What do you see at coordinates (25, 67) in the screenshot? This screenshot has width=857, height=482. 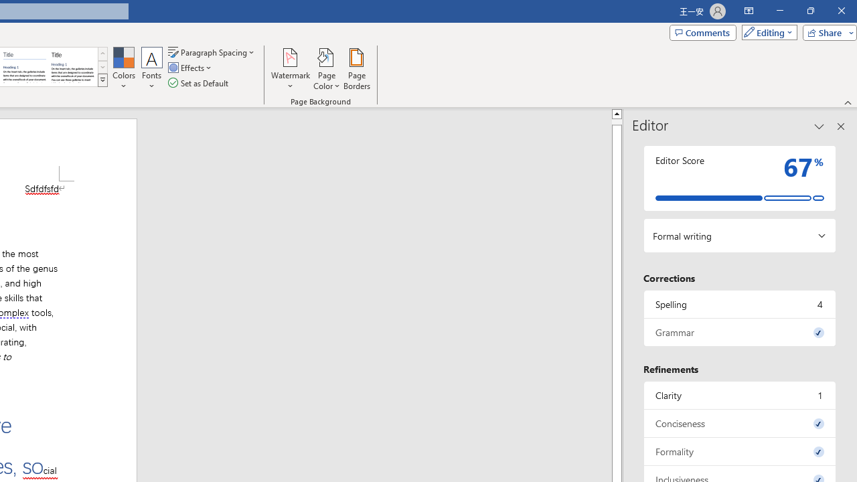 I see `'Word 2010'` at bounding box center [25, 67].